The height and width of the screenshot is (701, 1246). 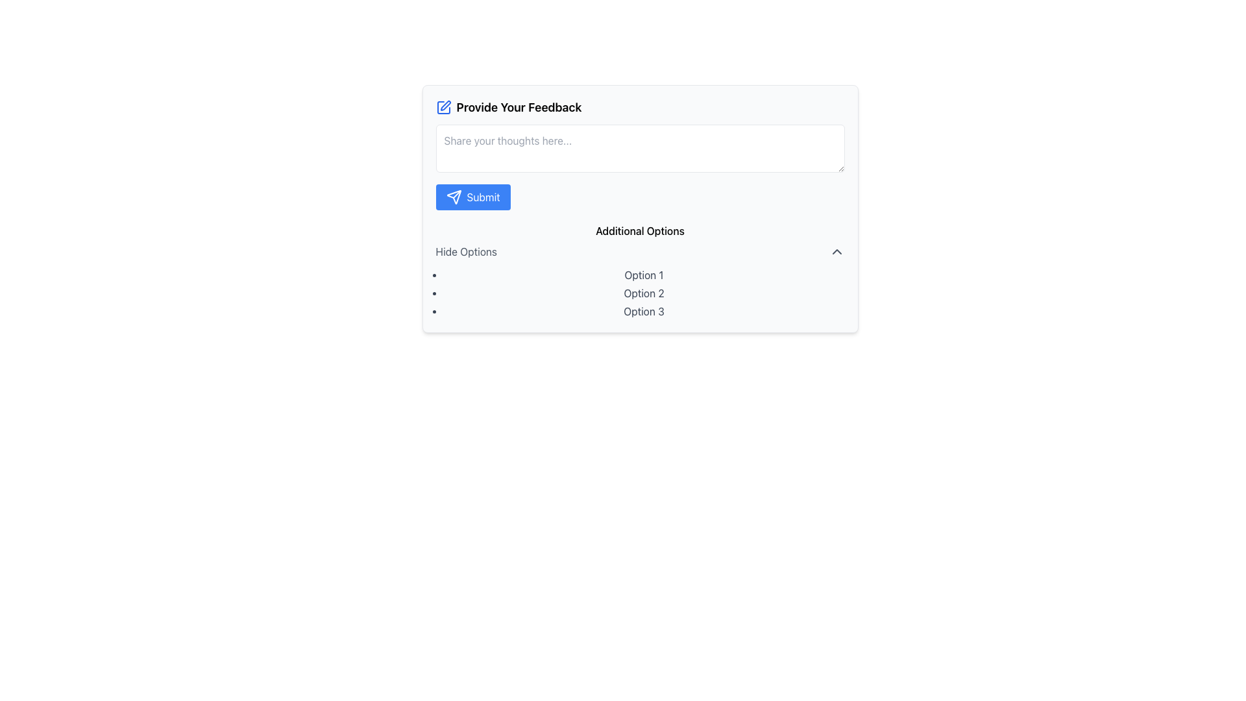 I want to click on to select the third list item in the 'Additional Options' section, located under 'Option 1' and 'Option 2', so click(x=644, y=311).